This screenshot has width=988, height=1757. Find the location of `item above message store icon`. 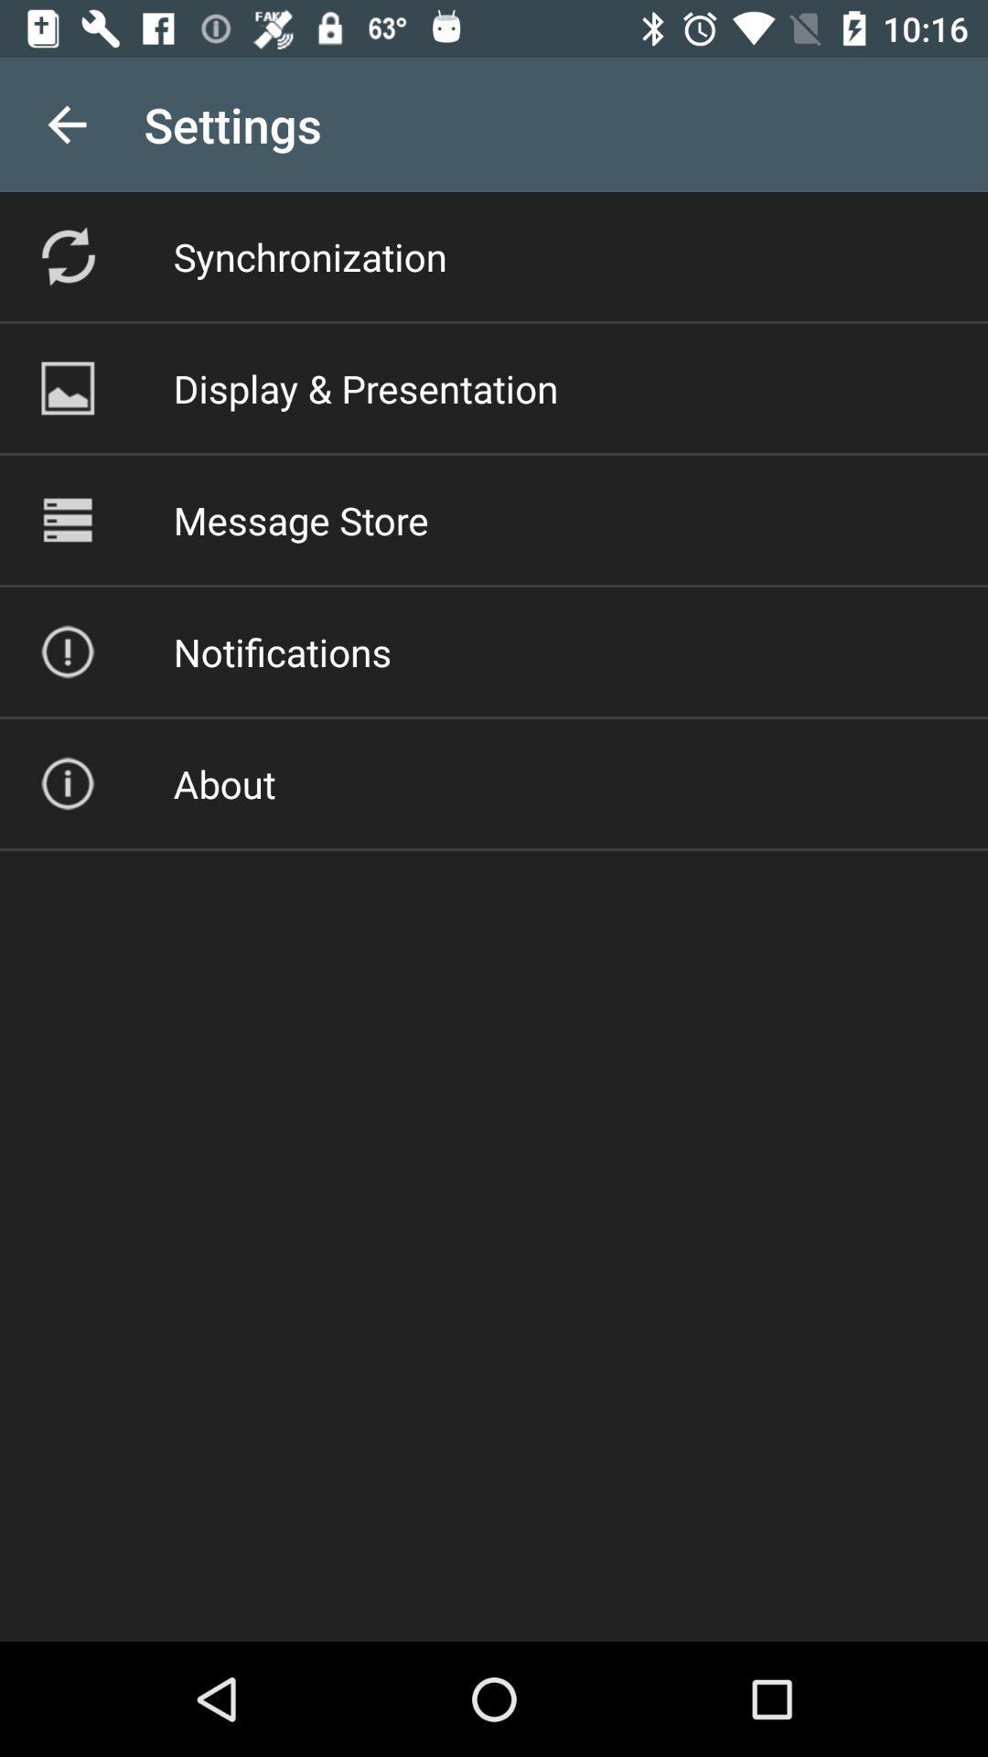

item above message store icon is located at coordinates (366, 387).